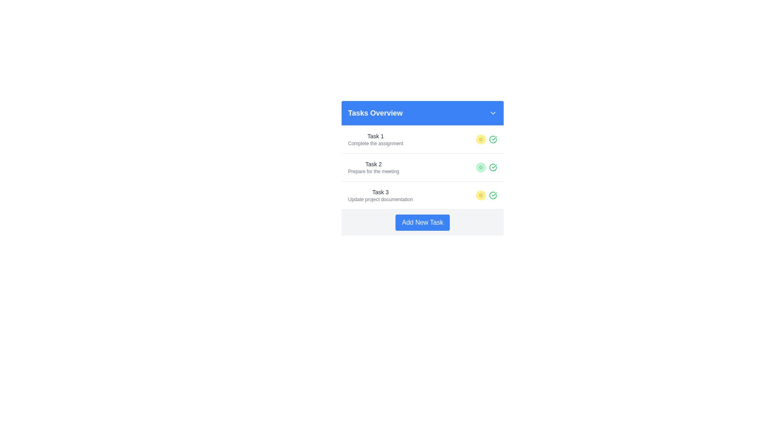 This screenshot has width=778, height=438. What do you see at coordinates (375, 113) in the screenshot?
I see `text content of the 'Tasks Overview' label, which is a prominent white text on a blue background located in the header section of the interface` at bounding box center [375, 113].